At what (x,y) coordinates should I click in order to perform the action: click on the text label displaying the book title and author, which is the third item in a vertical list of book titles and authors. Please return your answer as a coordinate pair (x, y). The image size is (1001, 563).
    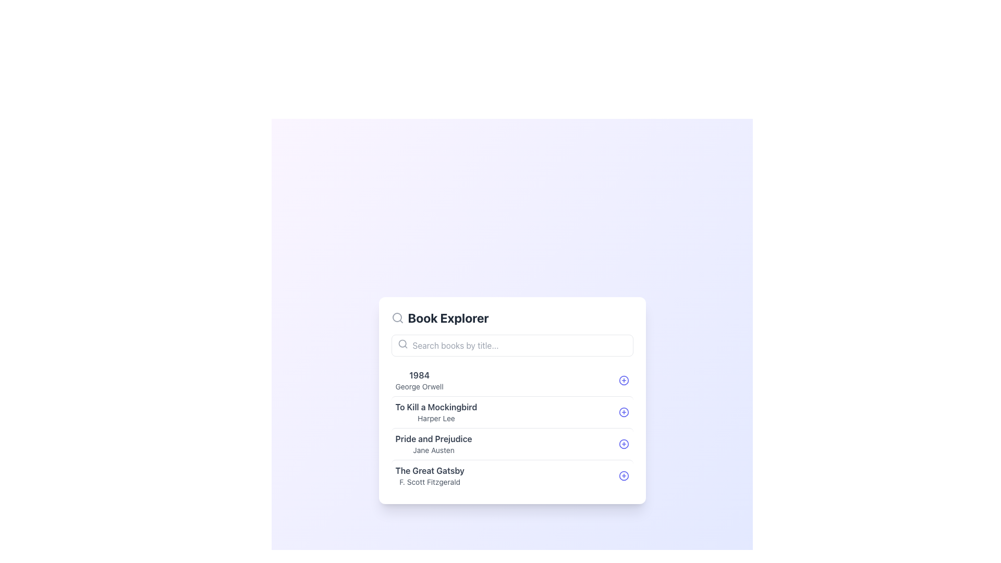
    Looking at the image, I should click on (434, 444).